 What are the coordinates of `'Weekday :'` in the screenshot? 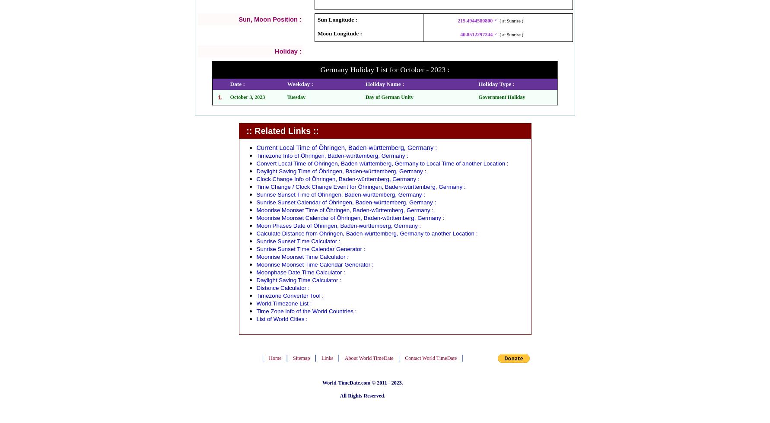 It's located at (299, 84).